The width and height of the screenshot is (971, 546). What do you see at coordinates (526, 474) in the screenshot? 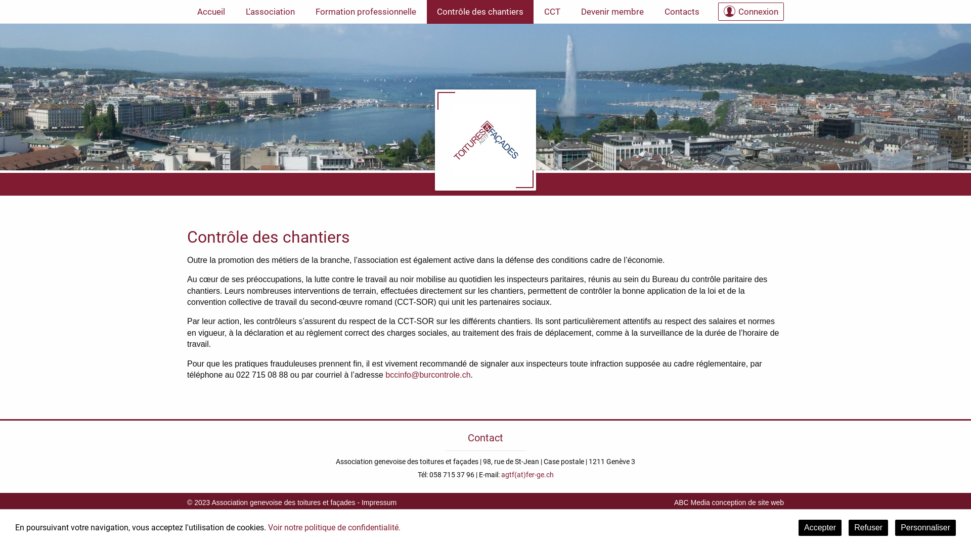
I see `'agtf(at)fer-ge.ch'` at bounding box center [526, 474].